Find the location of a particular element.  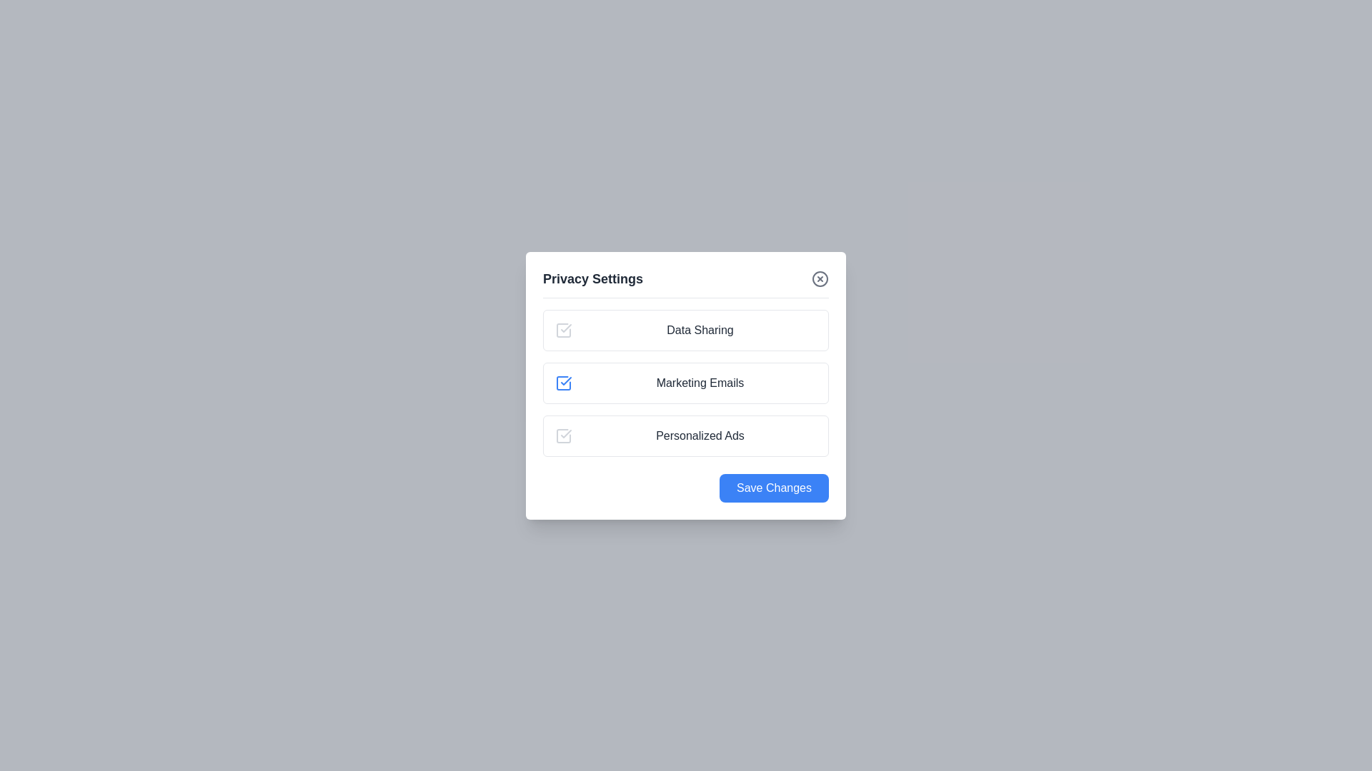

the preference title Personalized Ads from the list is located at coordinates (700, 435).